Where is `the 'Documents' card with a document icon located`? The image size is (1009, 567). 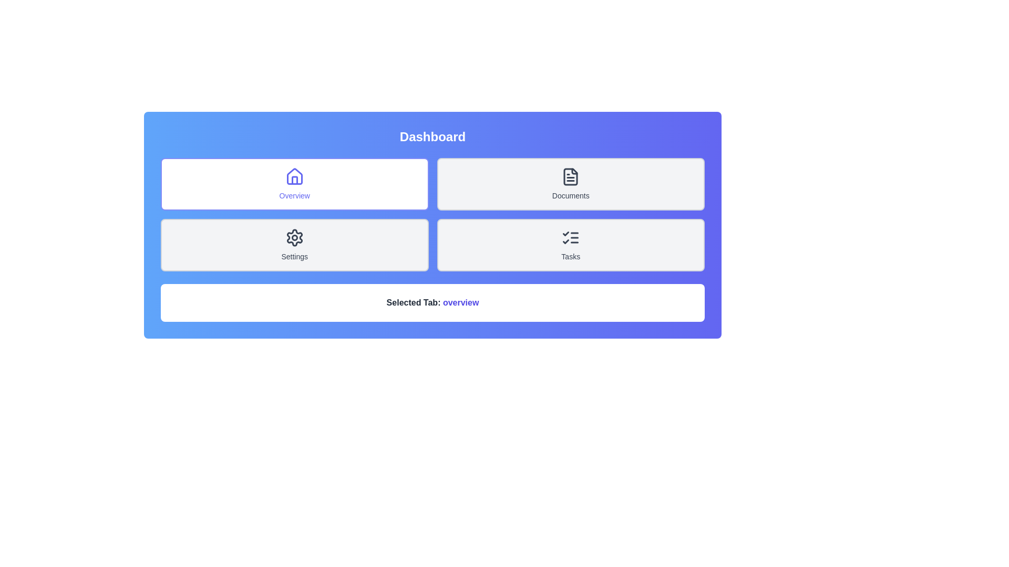
the 'Documents' card with a document icon located is located at coordinates (570, 184).